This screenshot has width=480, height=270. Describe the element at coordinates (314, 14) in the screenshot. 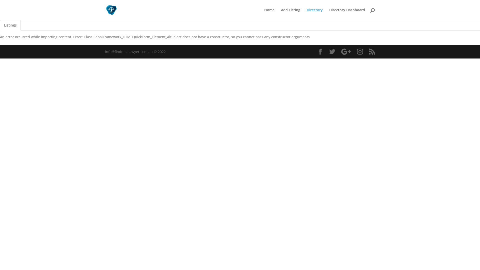

I see `'Directory'` at that location.